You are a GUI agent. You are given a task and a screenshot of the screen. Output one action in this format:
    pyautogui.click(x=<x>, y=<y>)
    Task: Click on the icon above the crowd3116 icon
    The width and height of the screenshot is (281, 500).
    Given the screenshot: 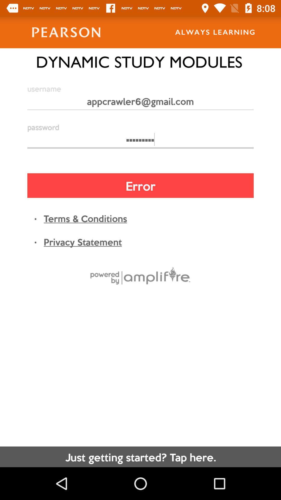 What is the action you would take?
    pyautogui.click(x=140, y=103)
    